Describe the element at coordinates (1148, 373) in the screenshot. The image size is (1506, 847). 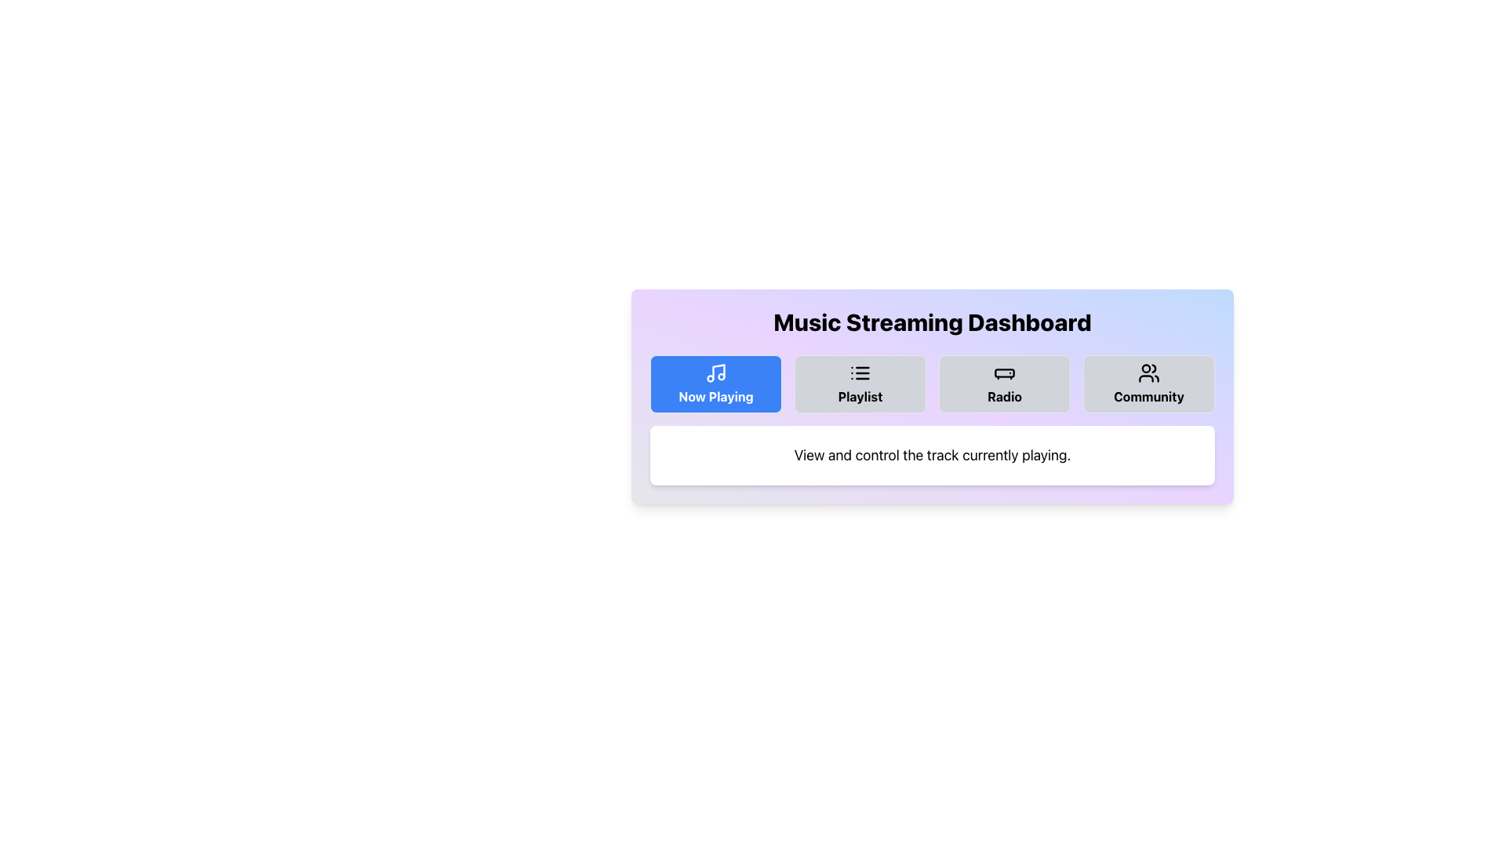
I see `the SVG icon depicting two stylized user figures within the 'Community' button for additional options related` at that location.